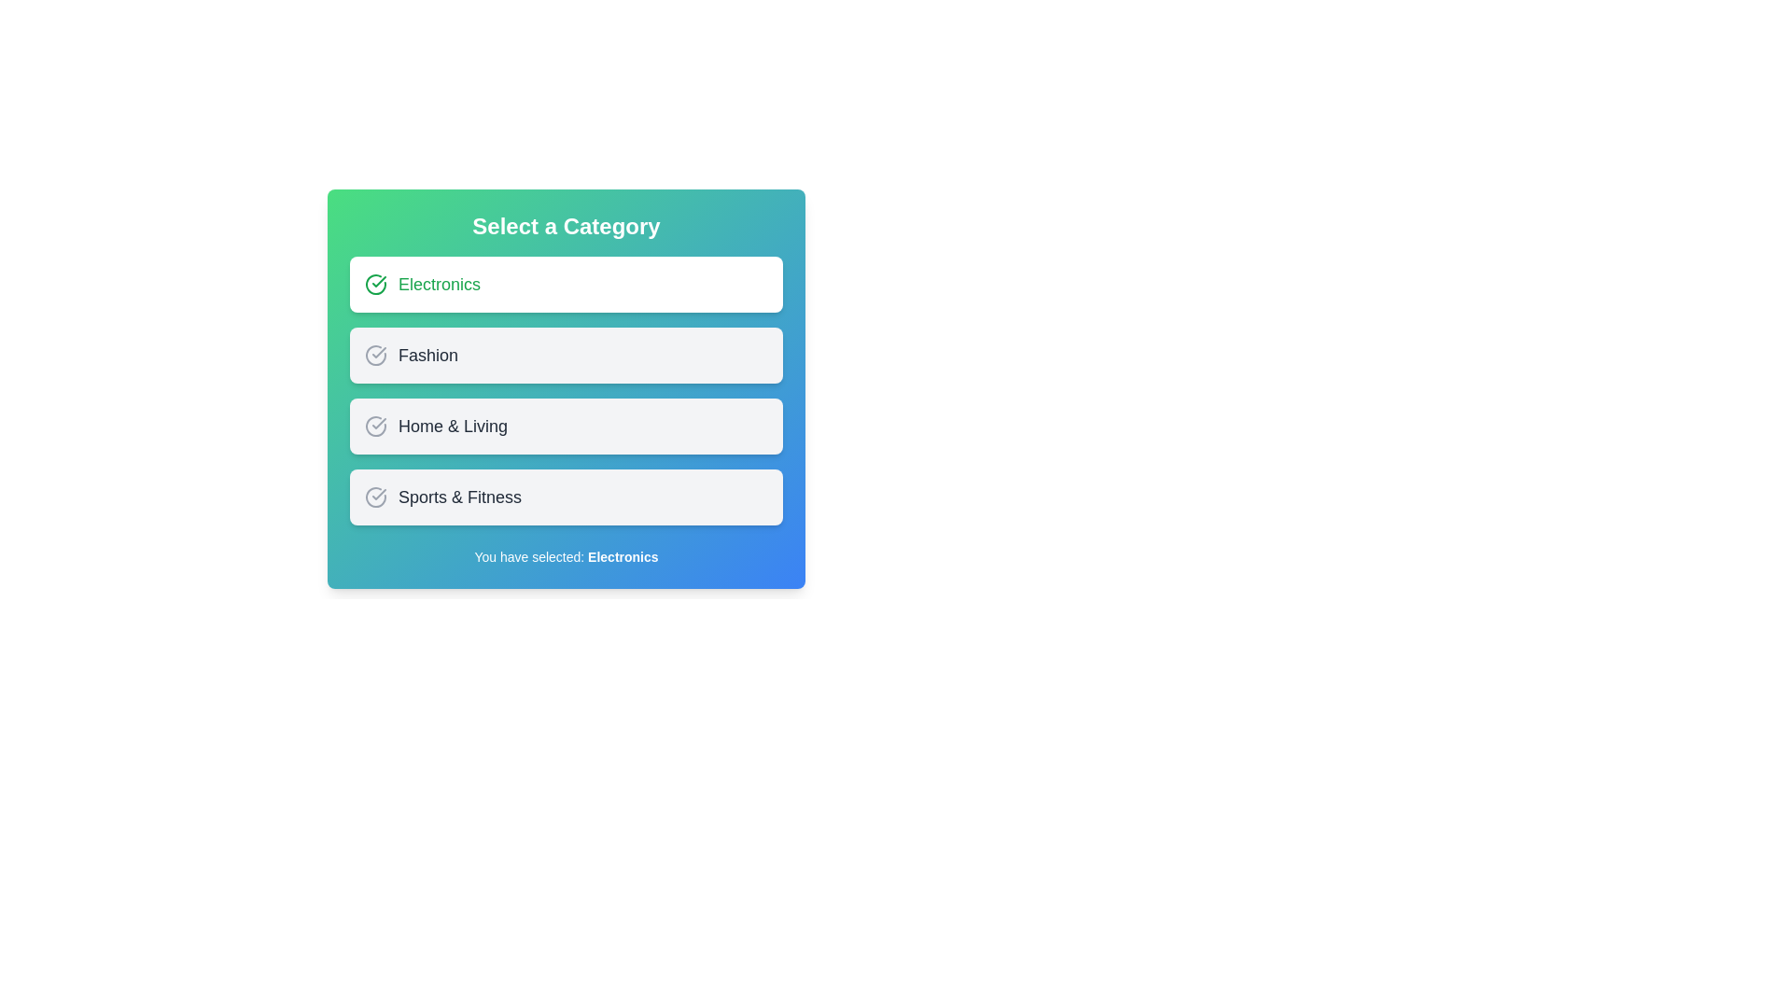  I want to click on the 'Fashion' text label, which is prominently displayed in a bold font within the second option of a vertically stacked menu labeled 'Select a Category', so click(427, 356).